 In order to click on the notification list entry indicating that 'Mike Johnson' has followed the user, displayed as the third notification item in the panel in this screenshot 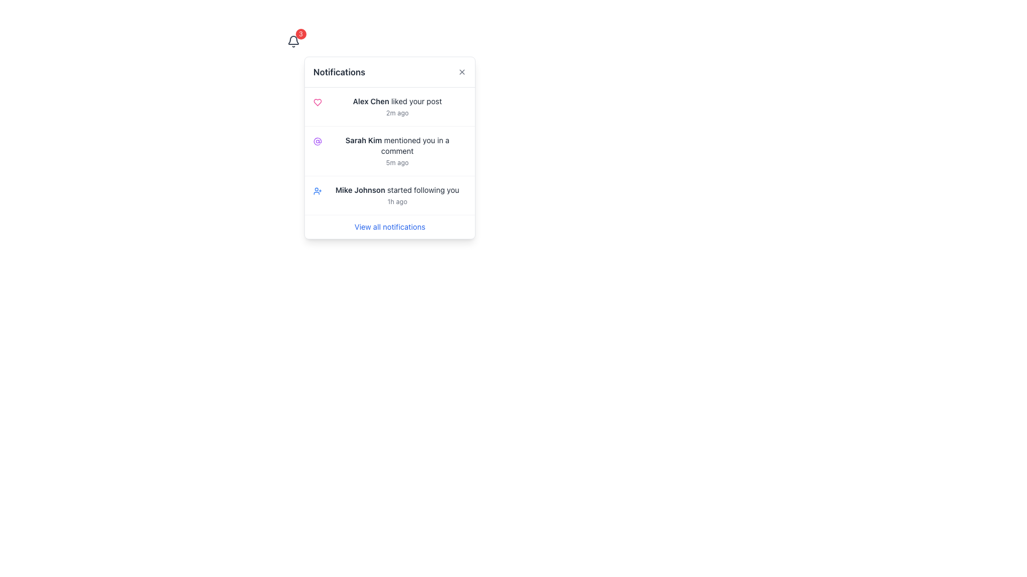, I will do `click(389, 196)`.